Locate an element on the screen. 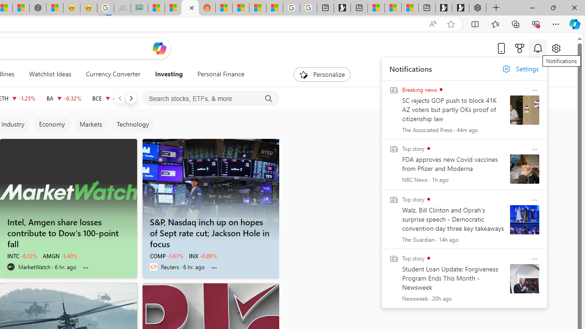 The width and height of the screenshot is (585, 329). 'Technology' is located at coordinates (132, 124).